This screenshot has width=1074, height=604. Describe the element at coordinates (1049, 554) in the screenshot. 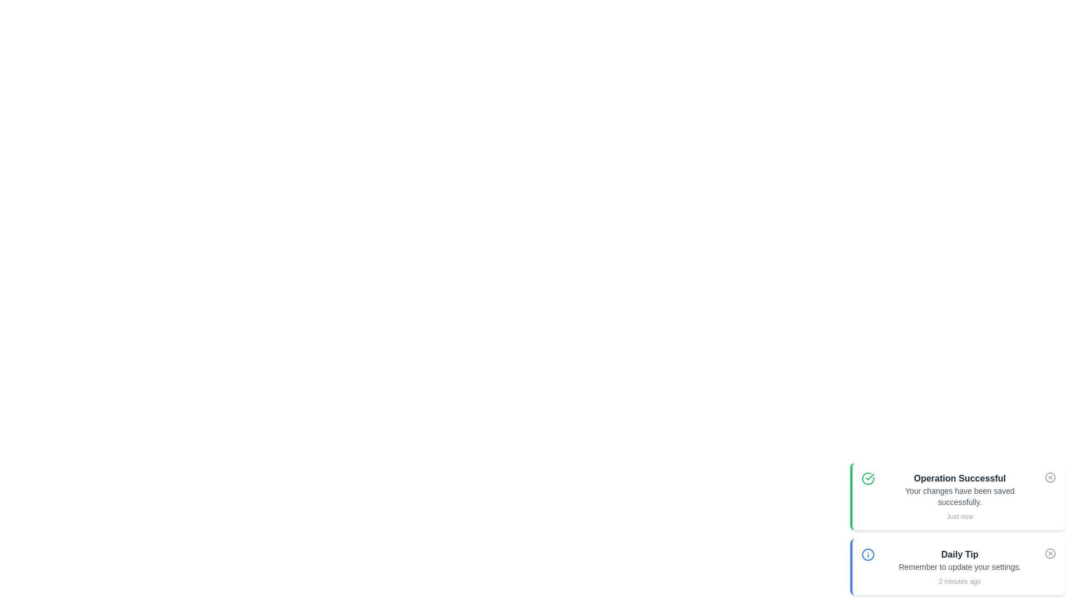

I see `the Circular close button with a close (X) symbol located at the bottom-right corner of the 'Daily Tip' notification card to change its visual state` at that location.